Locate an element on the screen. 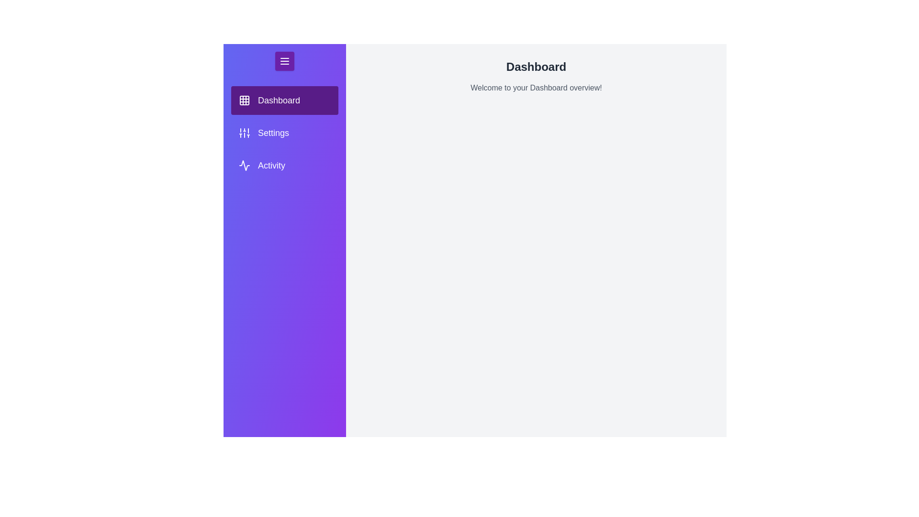 The height and width of the screenshot is (517, 919). the tab Settings in the menu is located at coordinates (284, 133).